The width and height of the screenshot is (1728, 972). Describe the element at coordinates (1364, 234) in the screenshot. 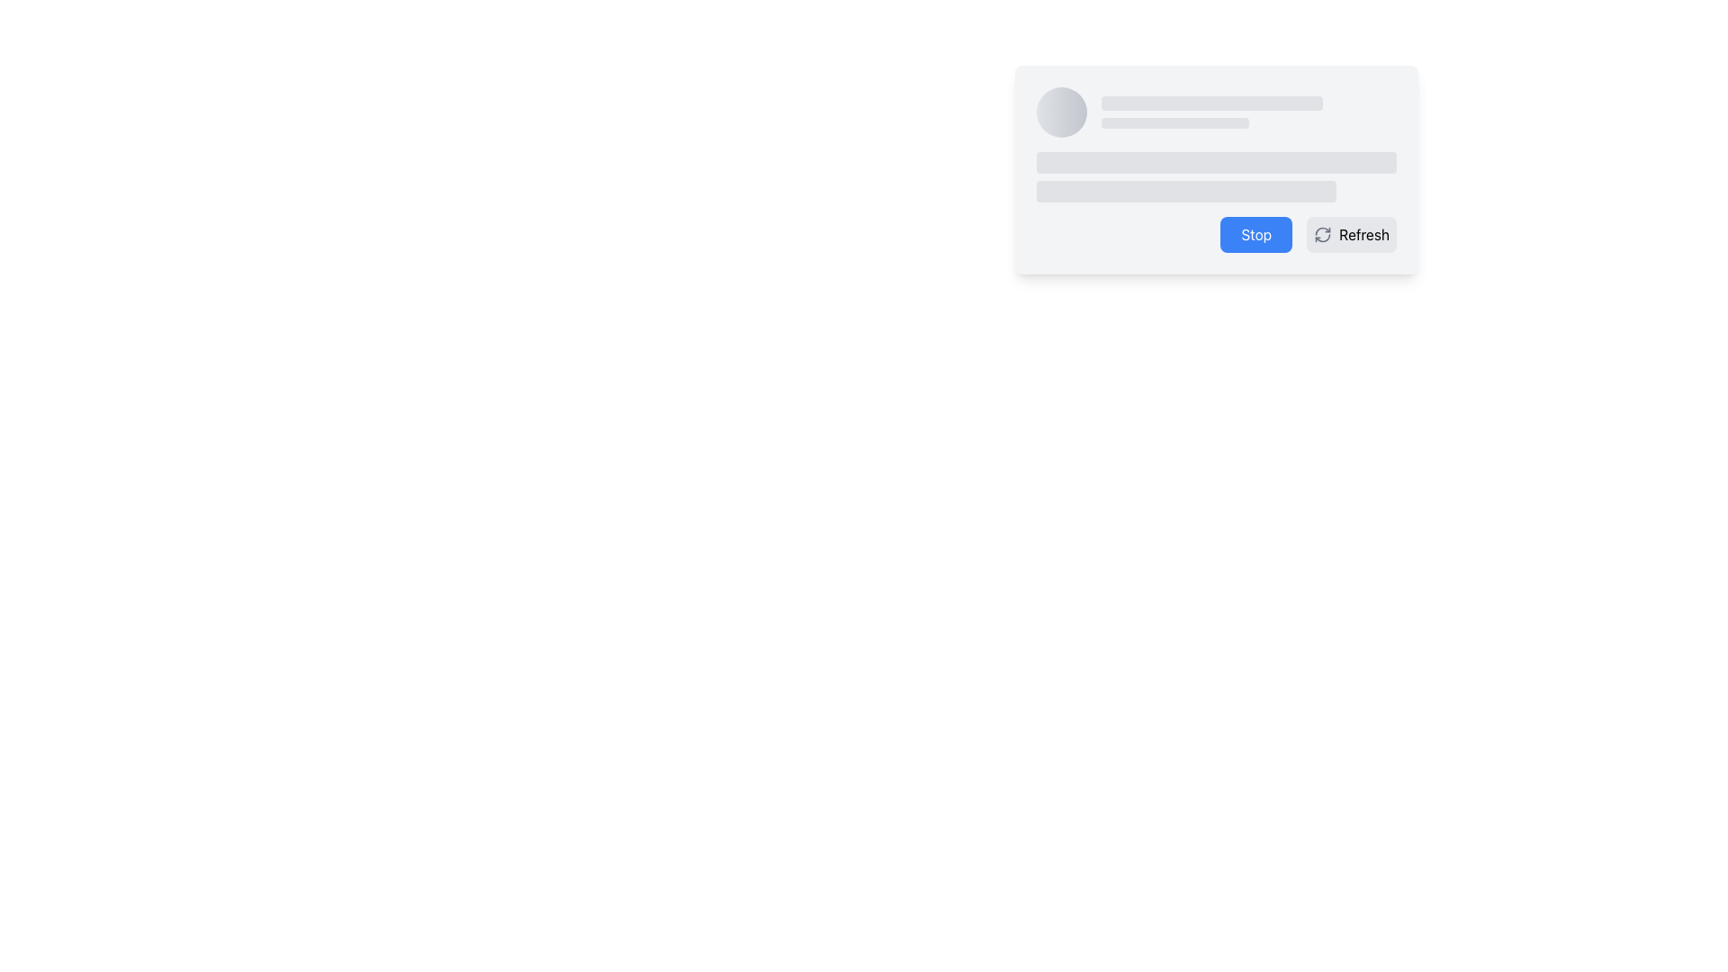

I see `the text element located at the rightmost side of the control bar` at that location.